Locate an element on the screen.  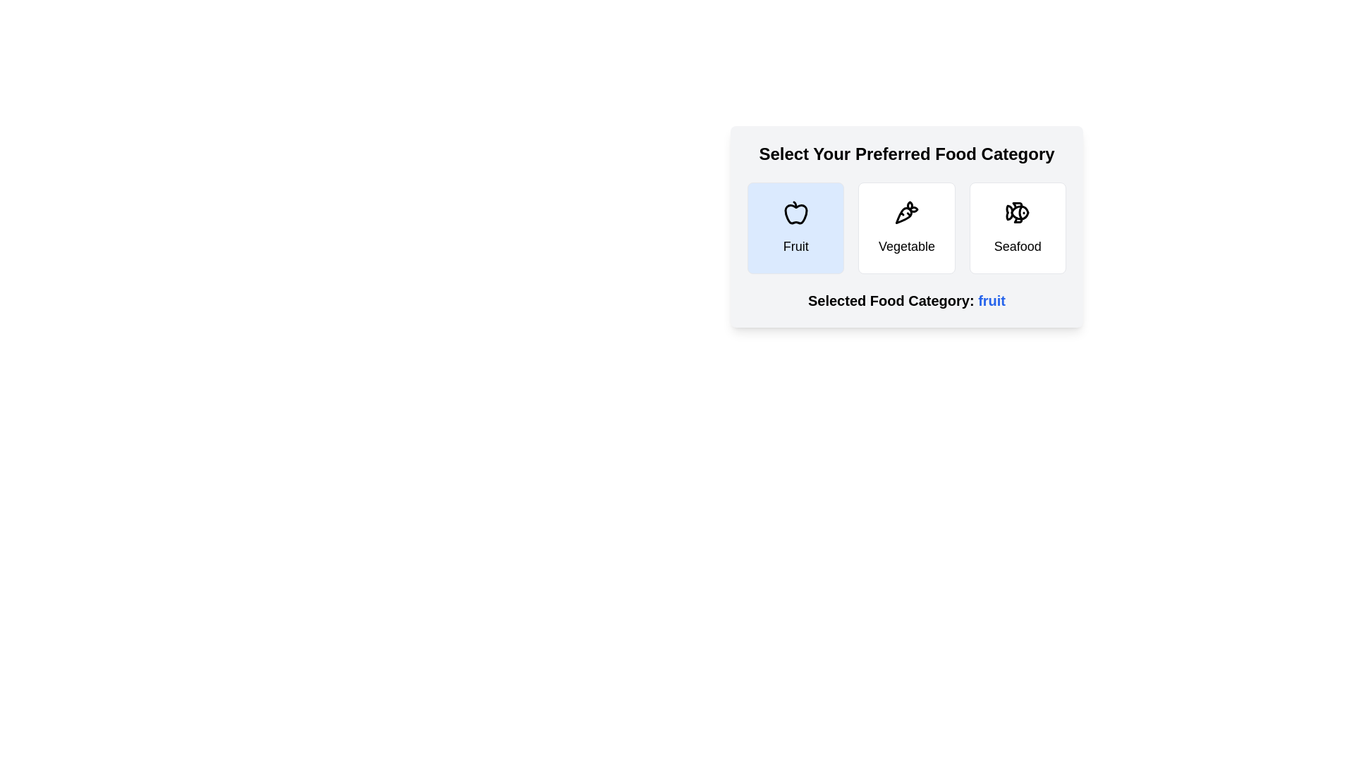
the graphical icon representing the 'Fruit' option in the selection menu, which is located in the leftmost button of a horizontal set of three options is located at coordinates (795, 214).